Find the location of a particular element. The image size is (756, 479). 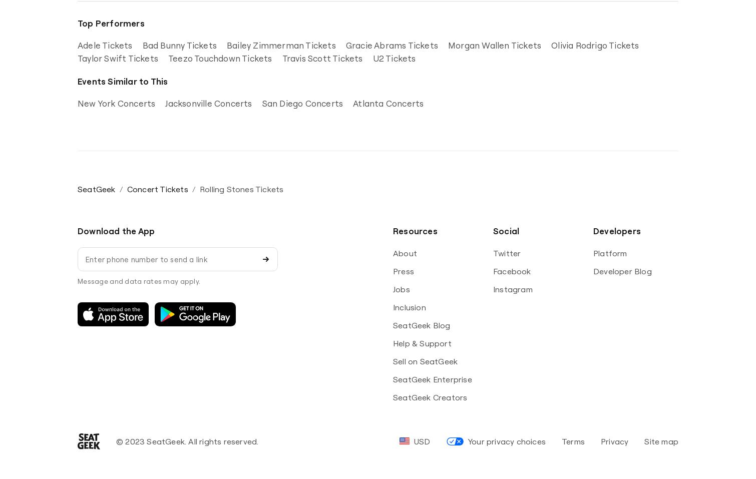

'Jobs' is located at coordinates (393, 289).